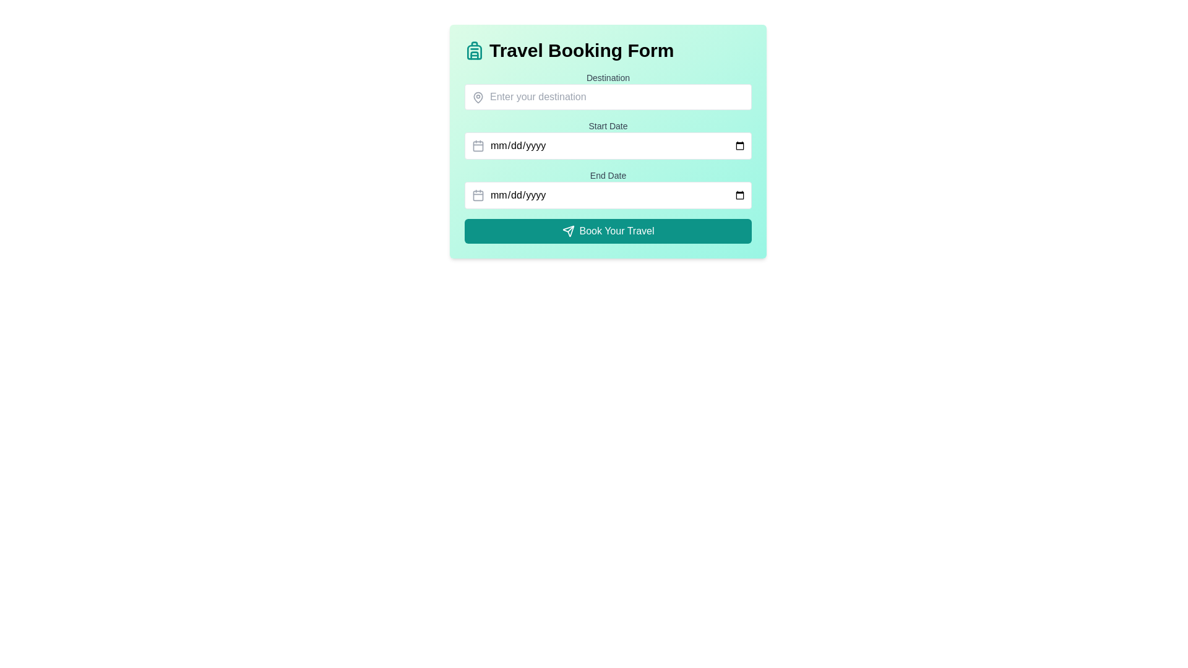  I want to click on the input area of the 'Start Date' labeled date input field, so click(608, 139).